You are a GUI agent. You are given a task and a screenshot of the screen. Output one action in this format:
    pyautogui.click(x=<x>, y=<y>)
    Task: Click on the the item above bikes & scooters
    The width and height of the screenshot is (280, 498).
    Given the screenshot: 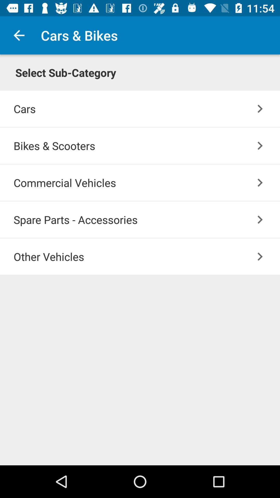 What is the action you would take?
    pyautogui.click(x=260, y=108)
    